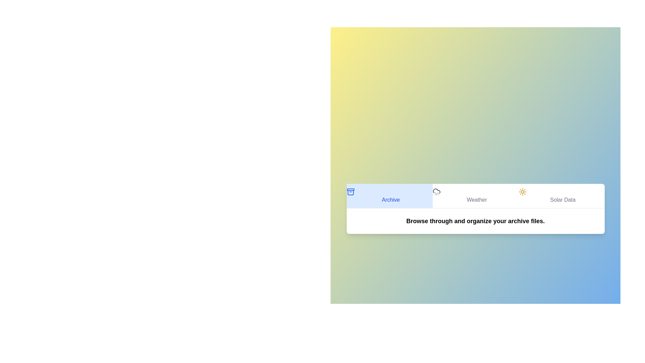  Describe the element at coordinates (389, 196) in the screenshot. I see `the Archive tab` at that location.